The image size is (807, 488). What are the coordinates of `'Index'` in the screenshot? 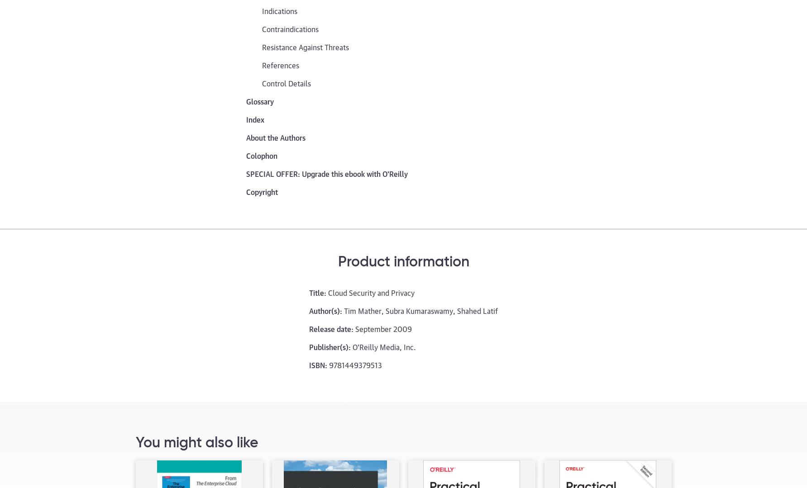 It's located at (254, 118).